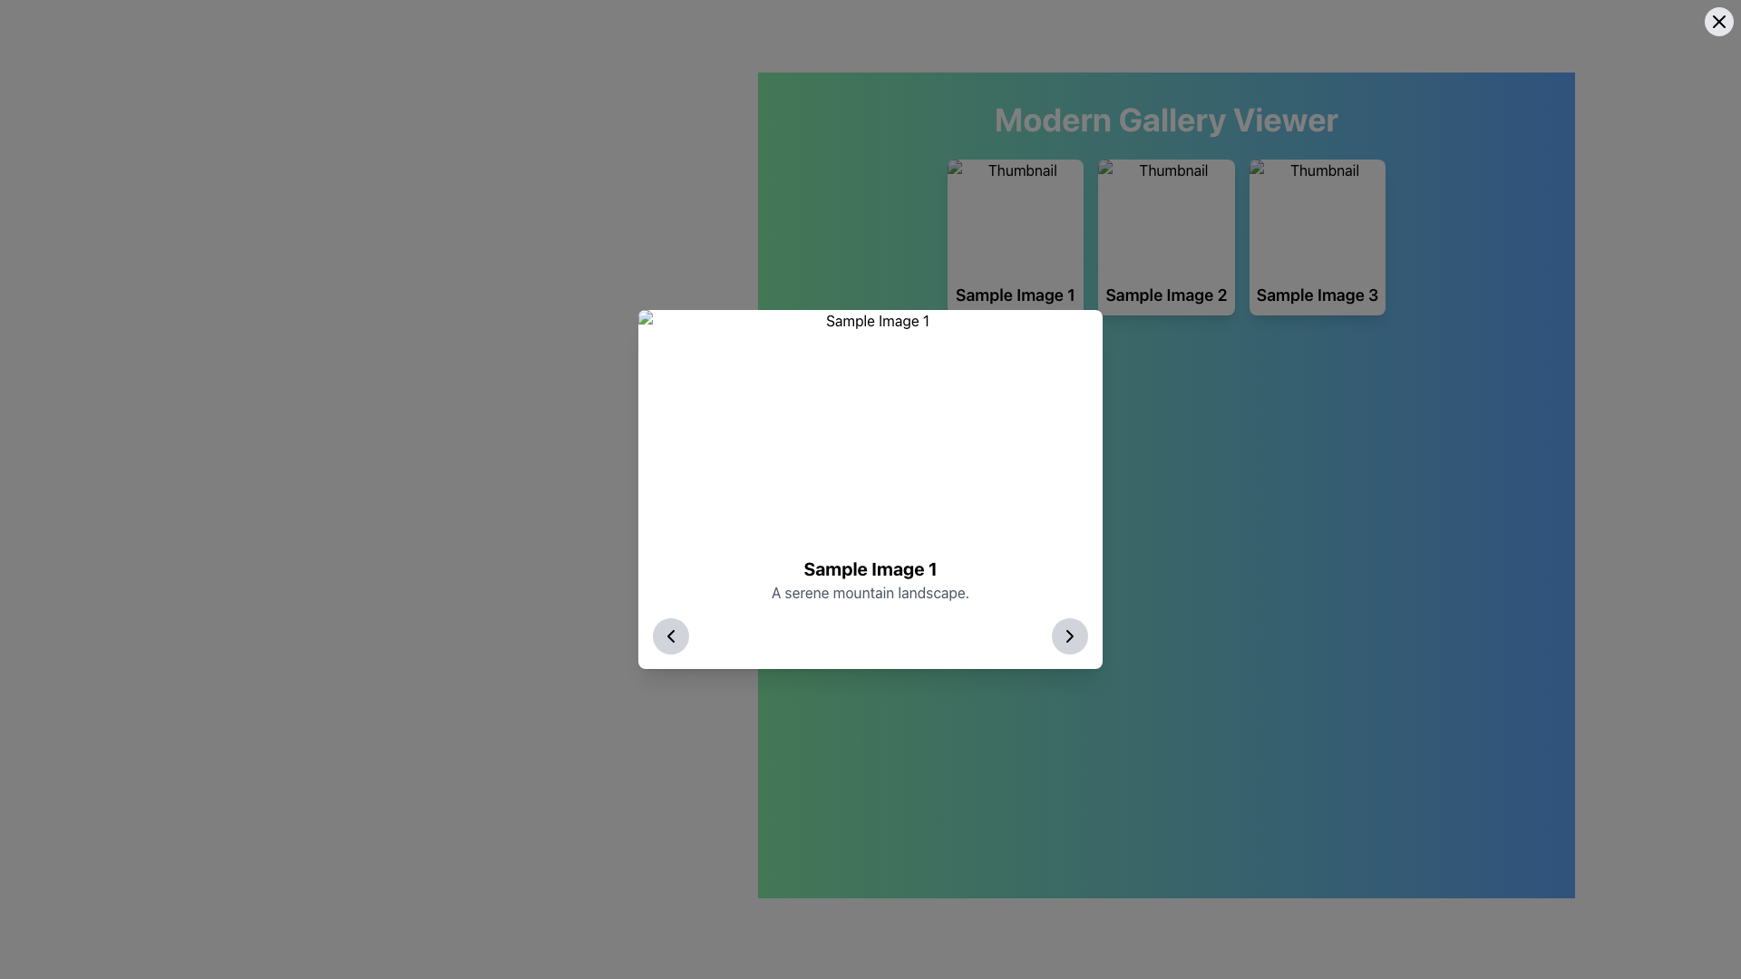  I want to click on the chevron left icon button located in the bottom-left corner of the pop-up window, so click(669, 635).